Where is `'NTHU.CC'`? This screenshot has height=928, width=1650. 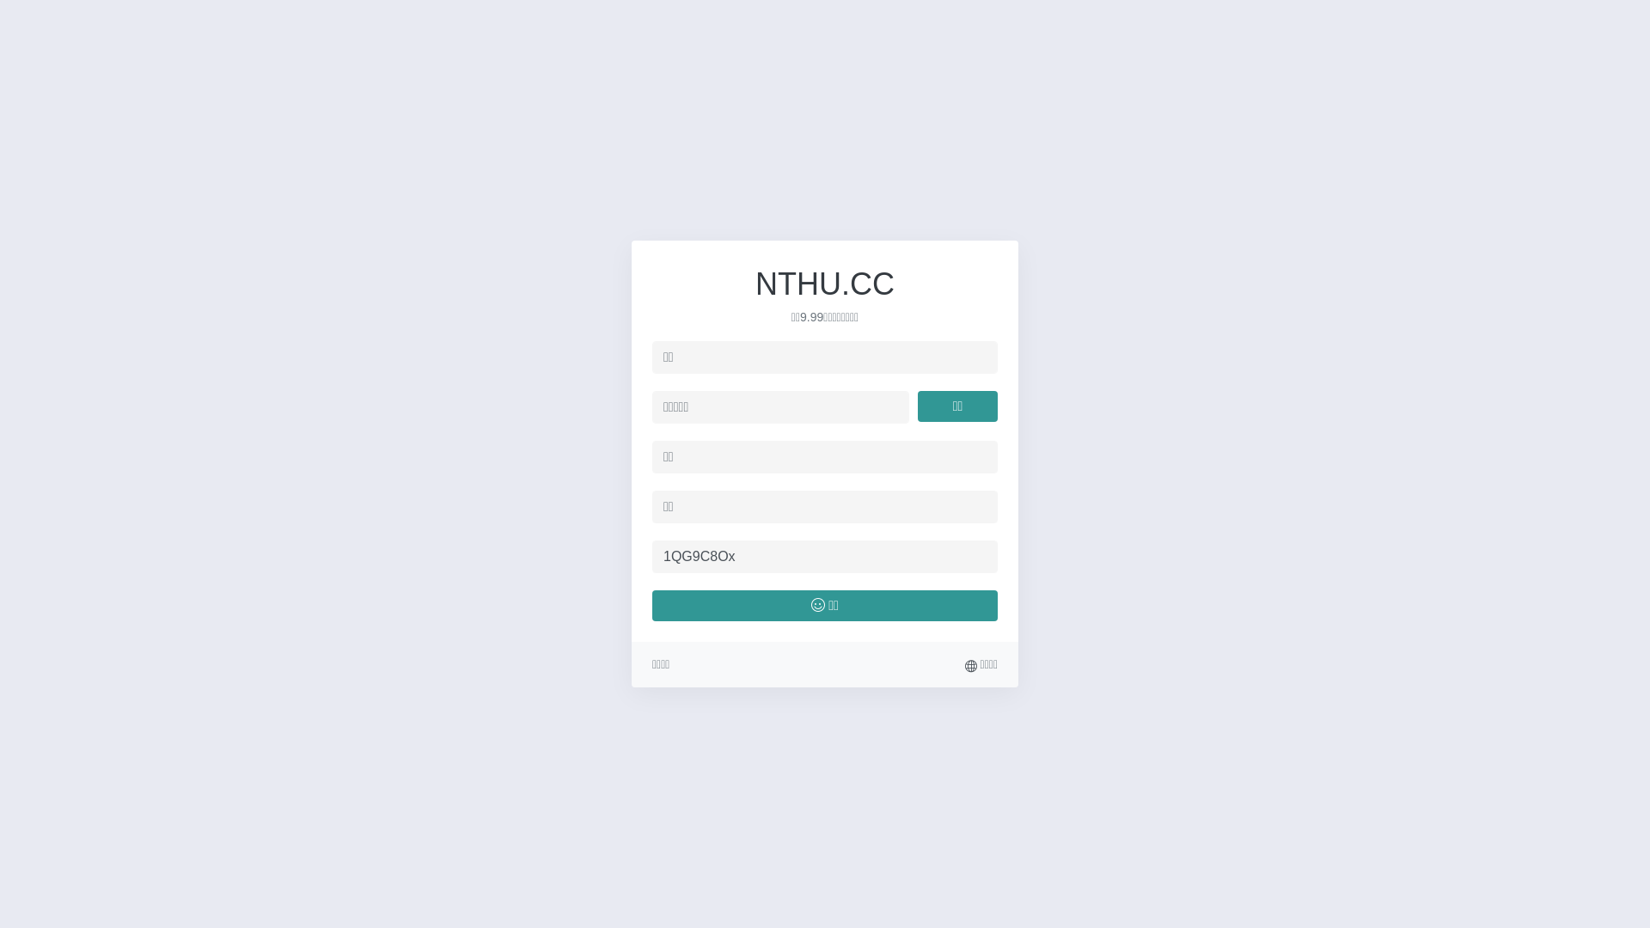 'NTHU.CC' is located at coordinates (755, 283).